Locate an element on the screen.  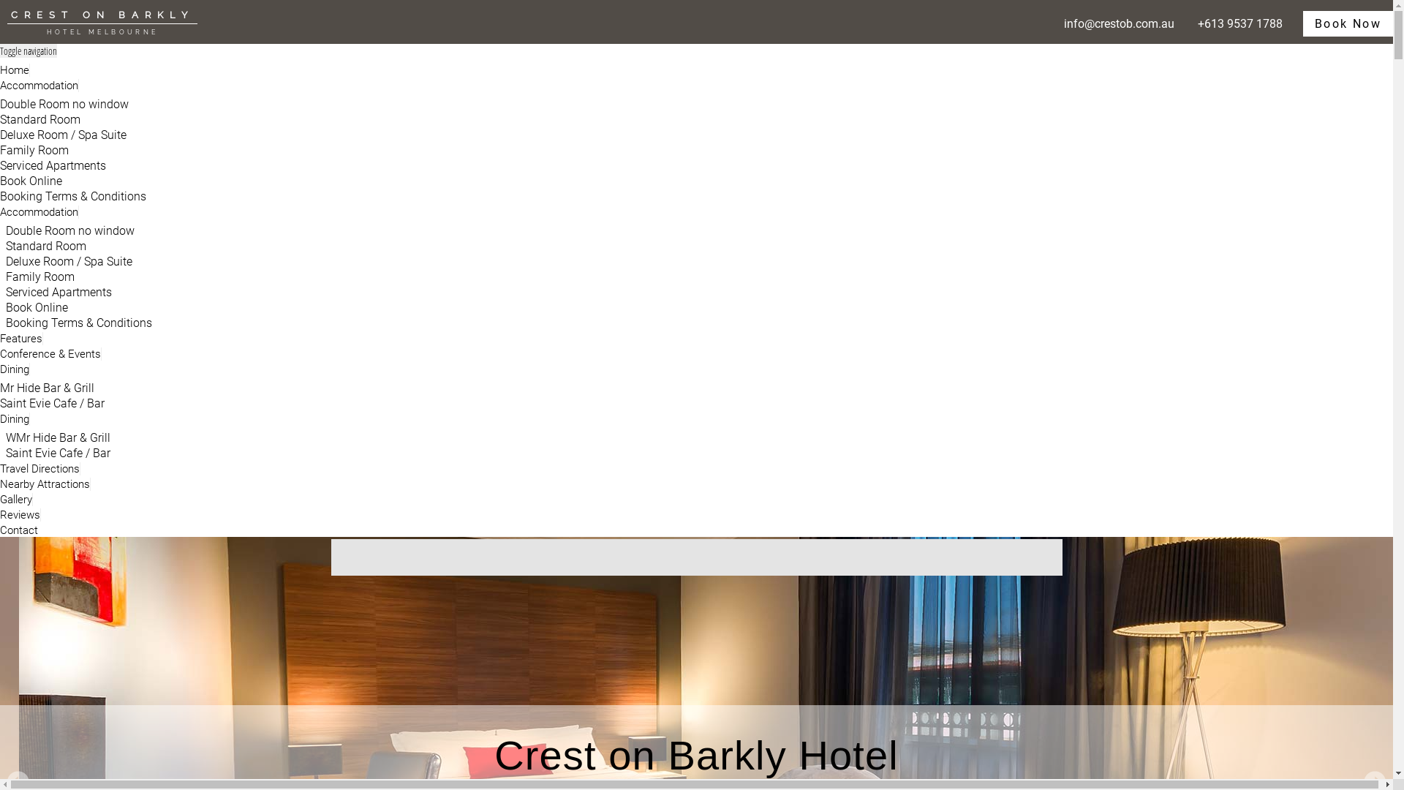
'info@crestob.com.au' is located at coordinates (1060, 23).